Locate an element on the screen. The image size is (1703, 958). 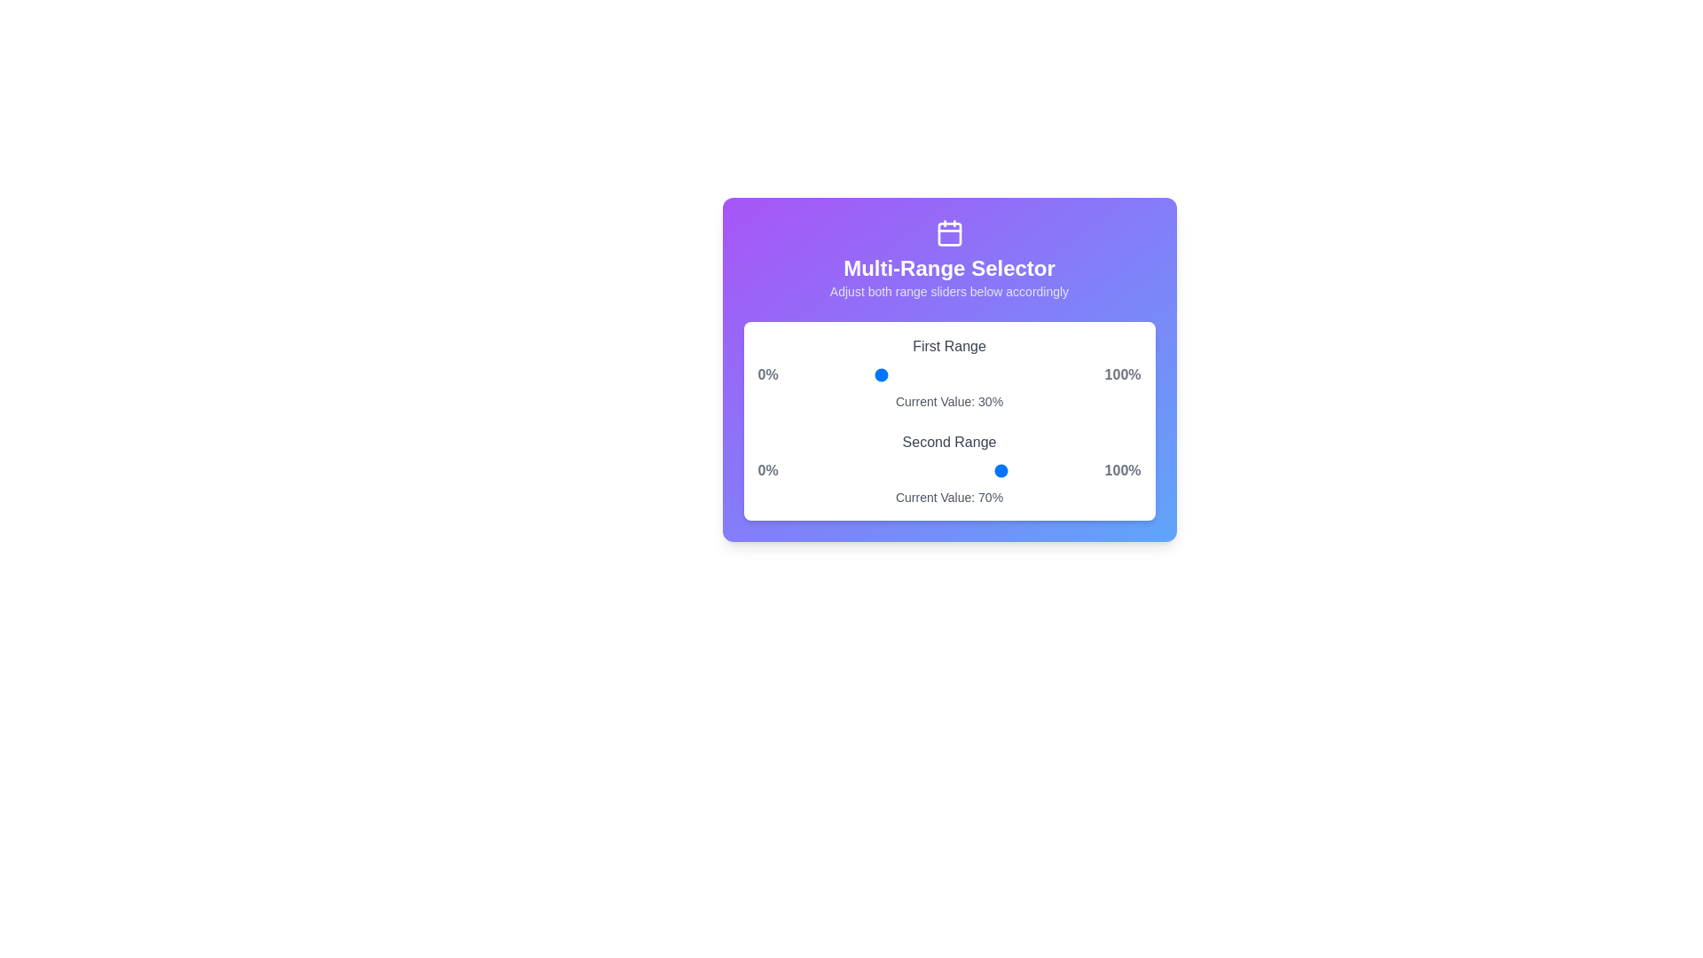
the first range slider value is located at coordinates (1044, 374).